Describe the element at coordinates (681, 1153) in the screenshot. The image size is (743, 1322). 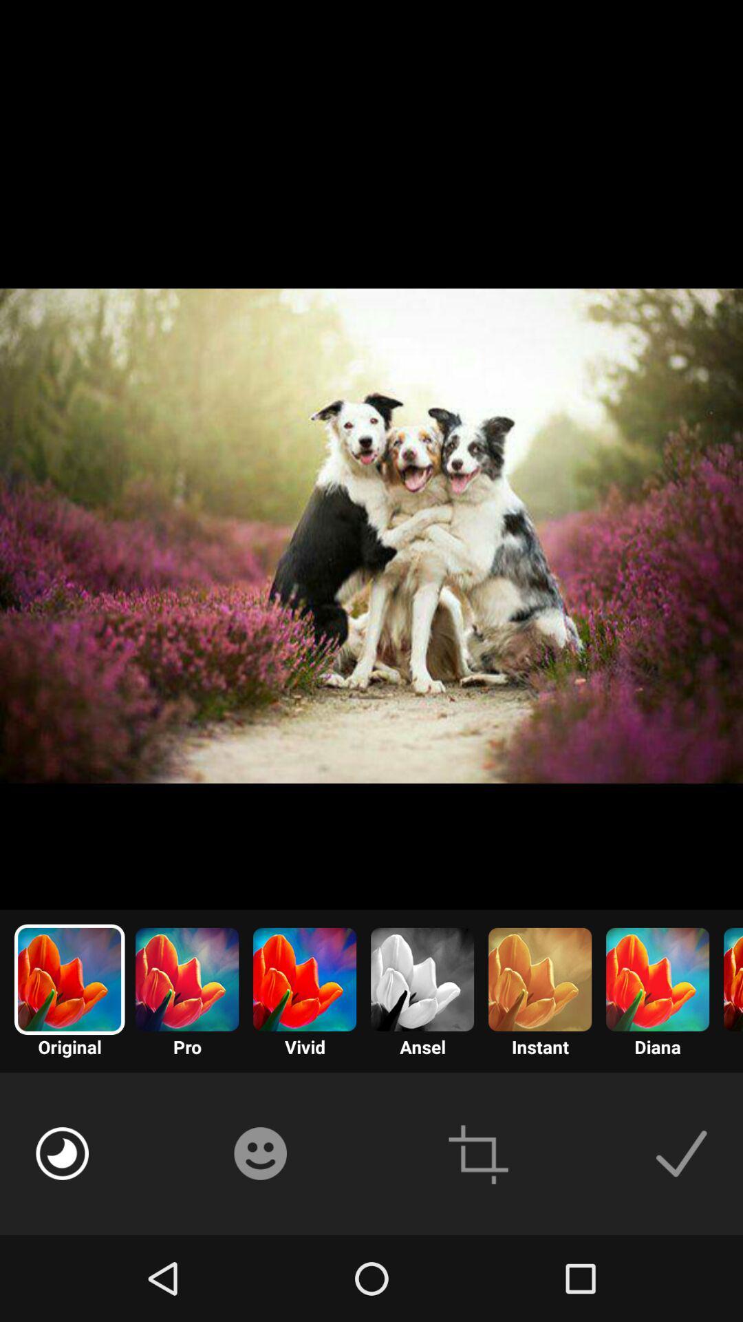
I see `the image to use` at that location.